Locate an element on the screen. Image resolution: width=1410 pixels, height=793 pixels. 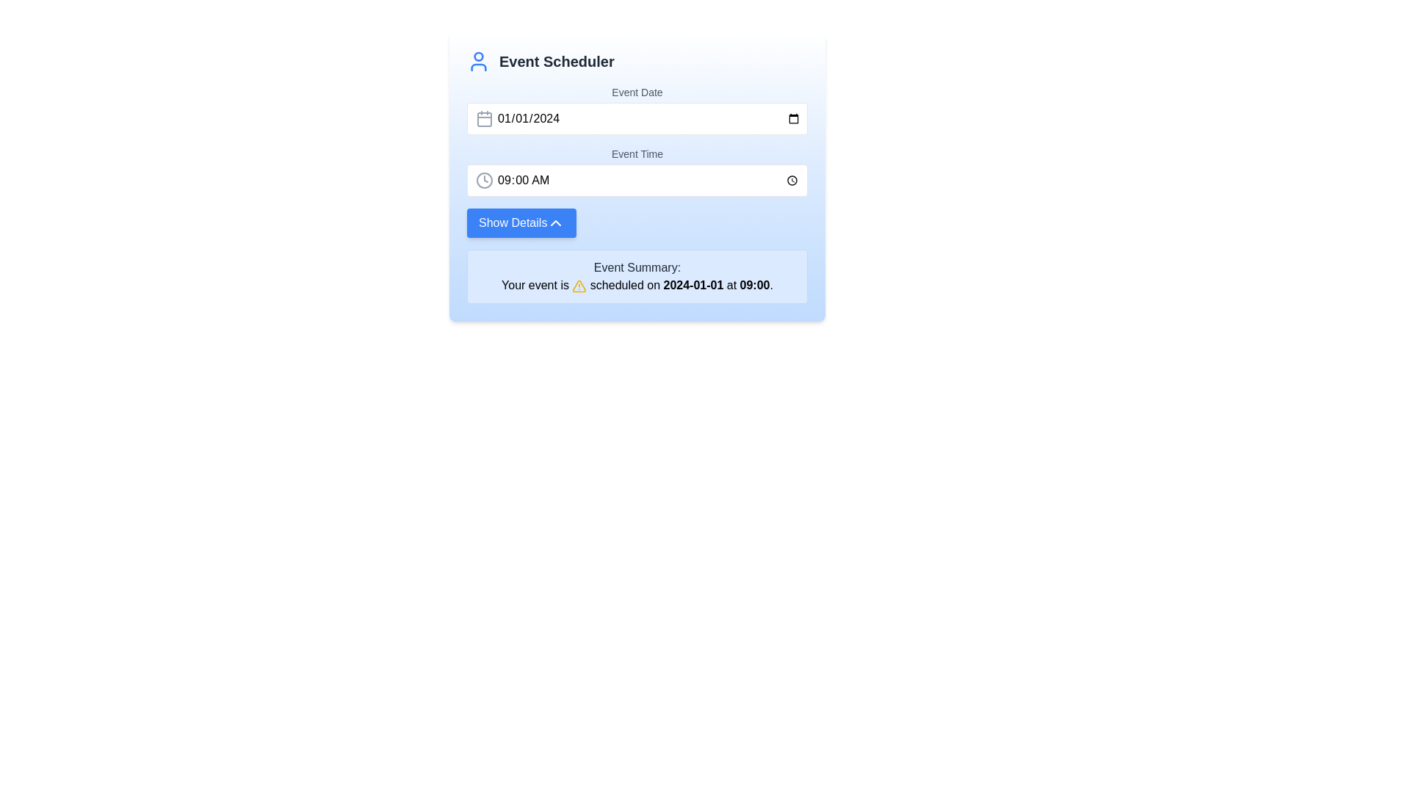
the calendar icon, which is a gray square with rounded corners located to the left of the date input field under the 'Event Date' section is located at coordinates (485, 118).